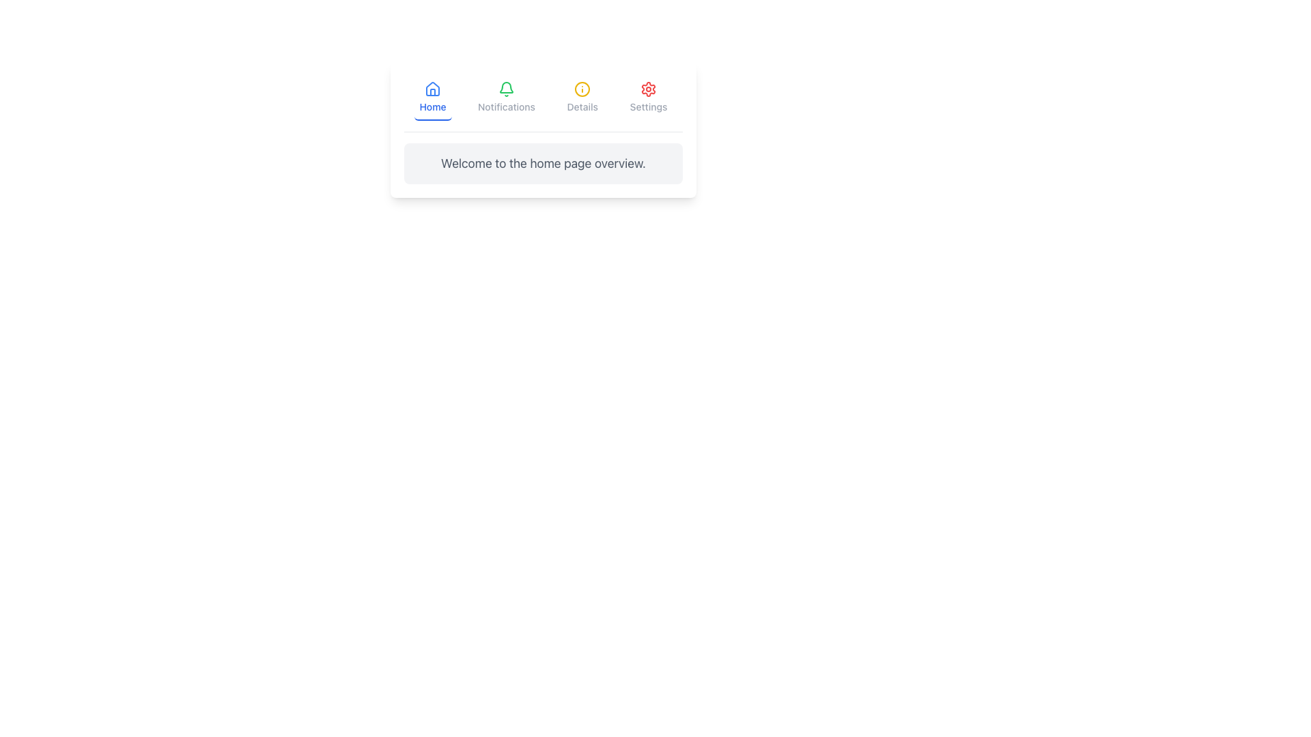 This screenshot has width=1311, height=737. I want to click on the 'Notifications' text label element, which is styled in gray and positioned below a green bell icon in the navigation bar, so click(506, 106).